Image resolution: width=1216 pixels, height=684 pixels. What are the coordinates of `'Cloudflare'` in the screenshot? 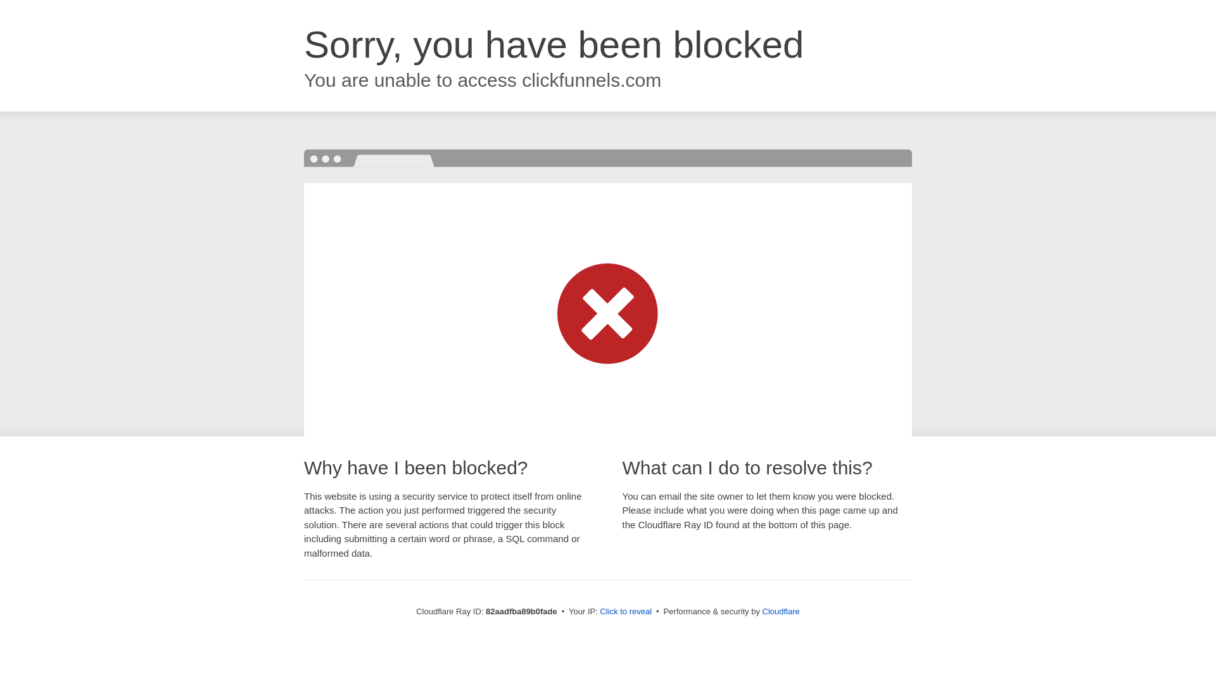 It's located at (762, 611).